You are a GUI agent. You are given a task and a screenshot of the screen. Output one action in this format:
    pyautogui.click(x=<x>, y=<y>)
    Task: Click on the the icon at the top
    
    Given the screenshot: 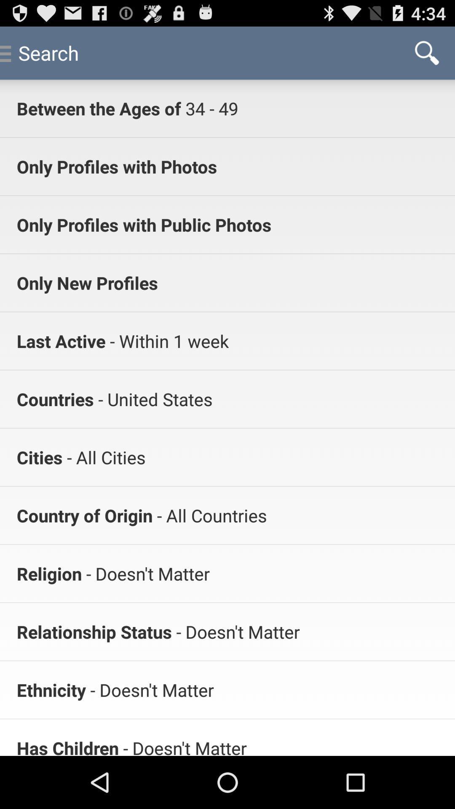 What is the action you would take?
    pyautogui.click(x=209, y=108)
    